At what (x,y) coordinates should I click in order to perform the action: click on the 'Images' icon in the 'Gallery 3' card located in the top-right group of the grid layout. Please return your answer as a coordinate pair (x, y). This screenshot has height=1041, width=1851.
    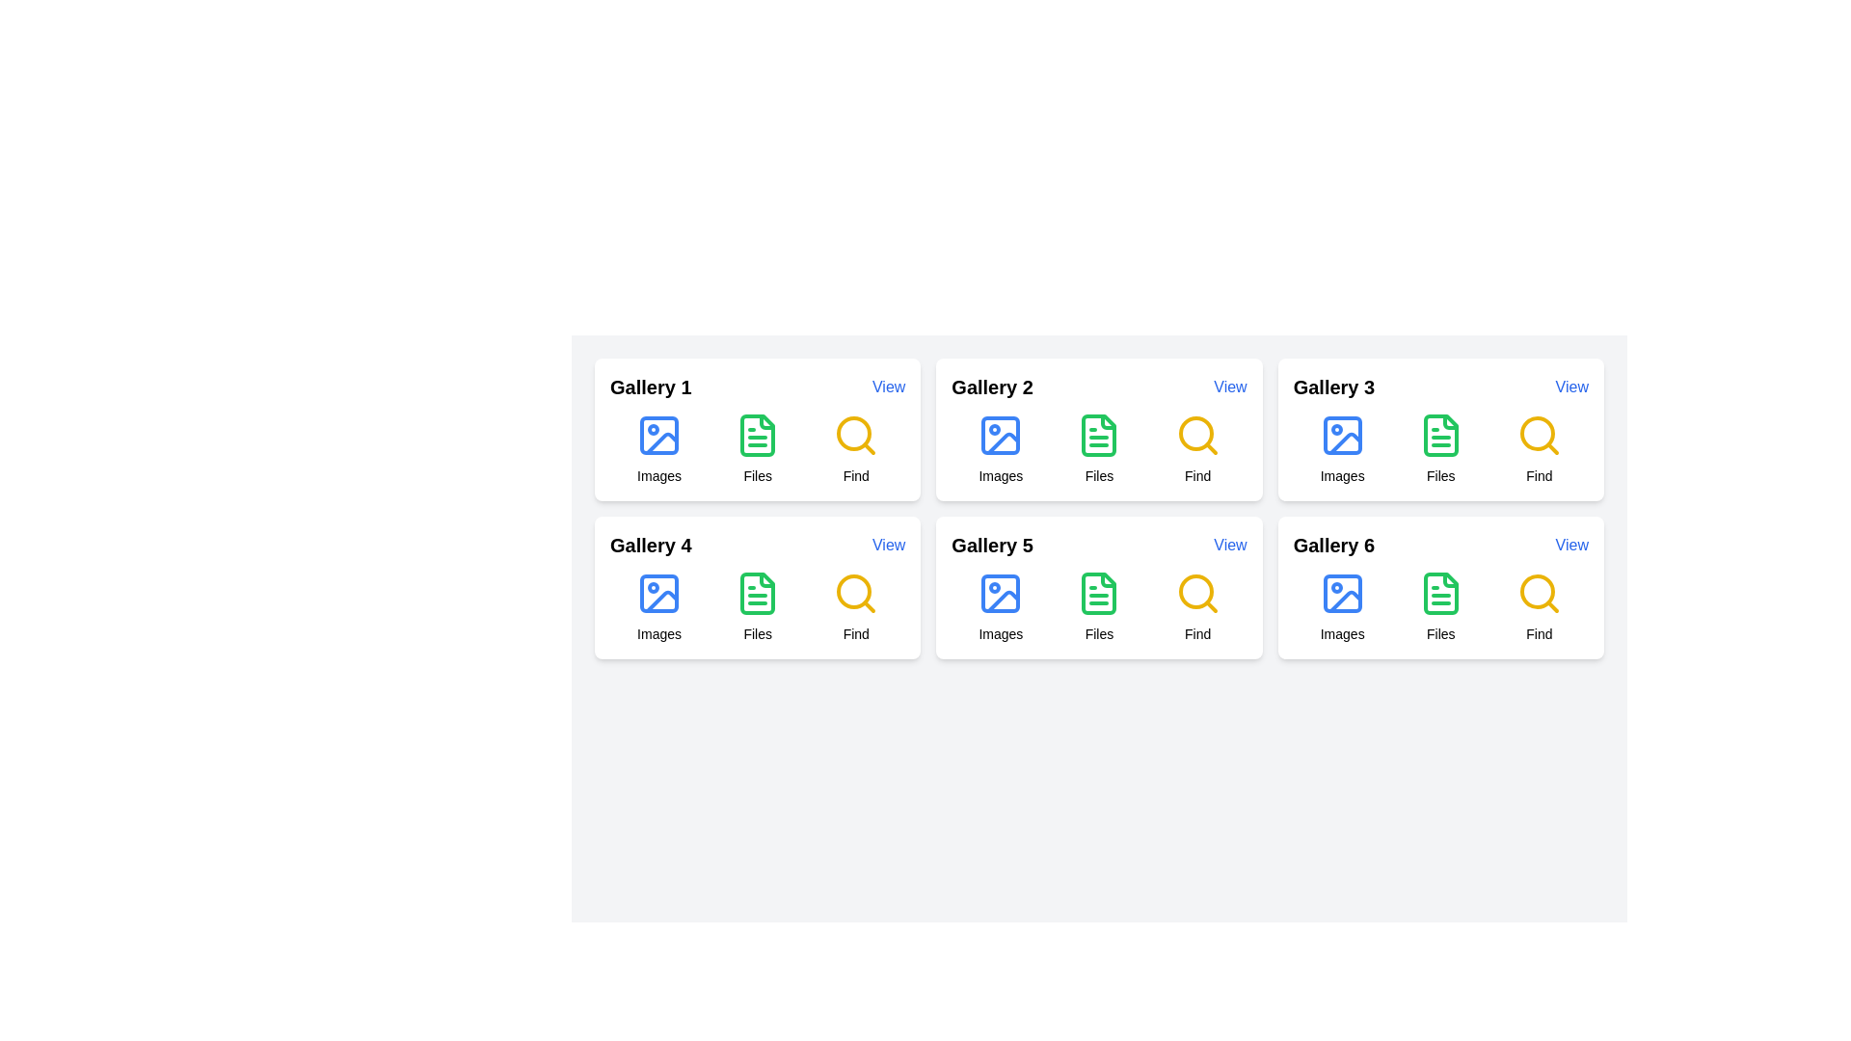
    Looking at the image, I should click on (1341, 449).